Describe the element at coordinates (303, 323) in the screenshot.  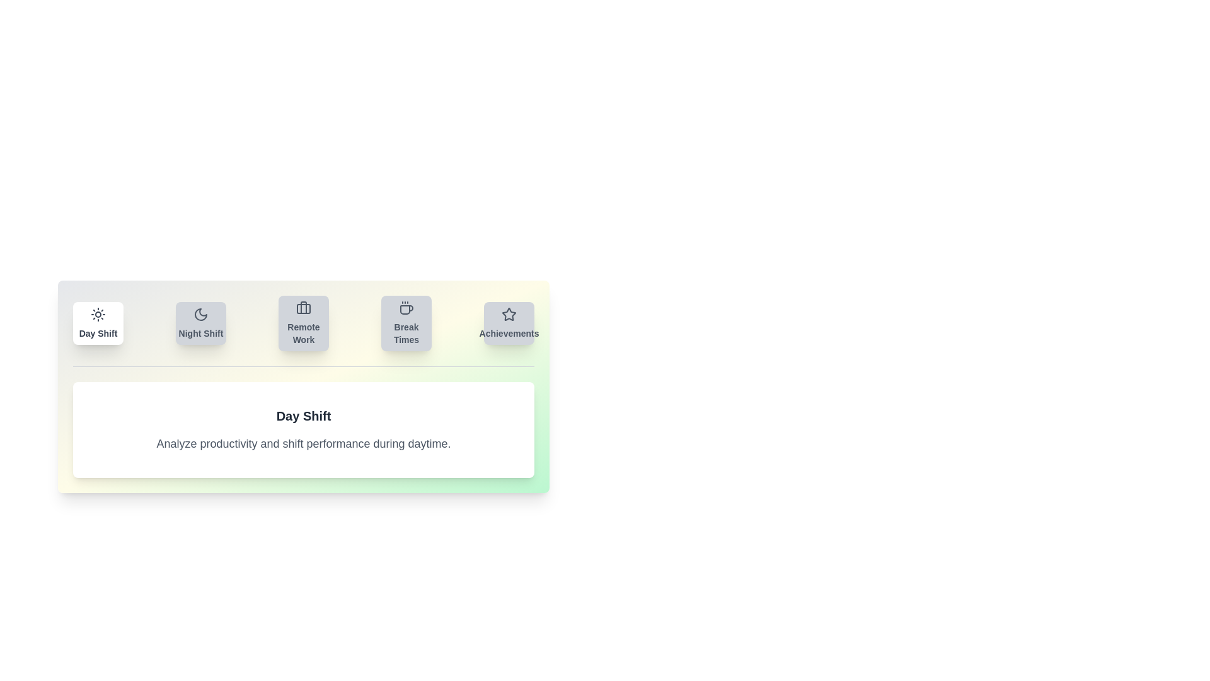
I see `the tab labeled Remote Work to view its content` at that location.